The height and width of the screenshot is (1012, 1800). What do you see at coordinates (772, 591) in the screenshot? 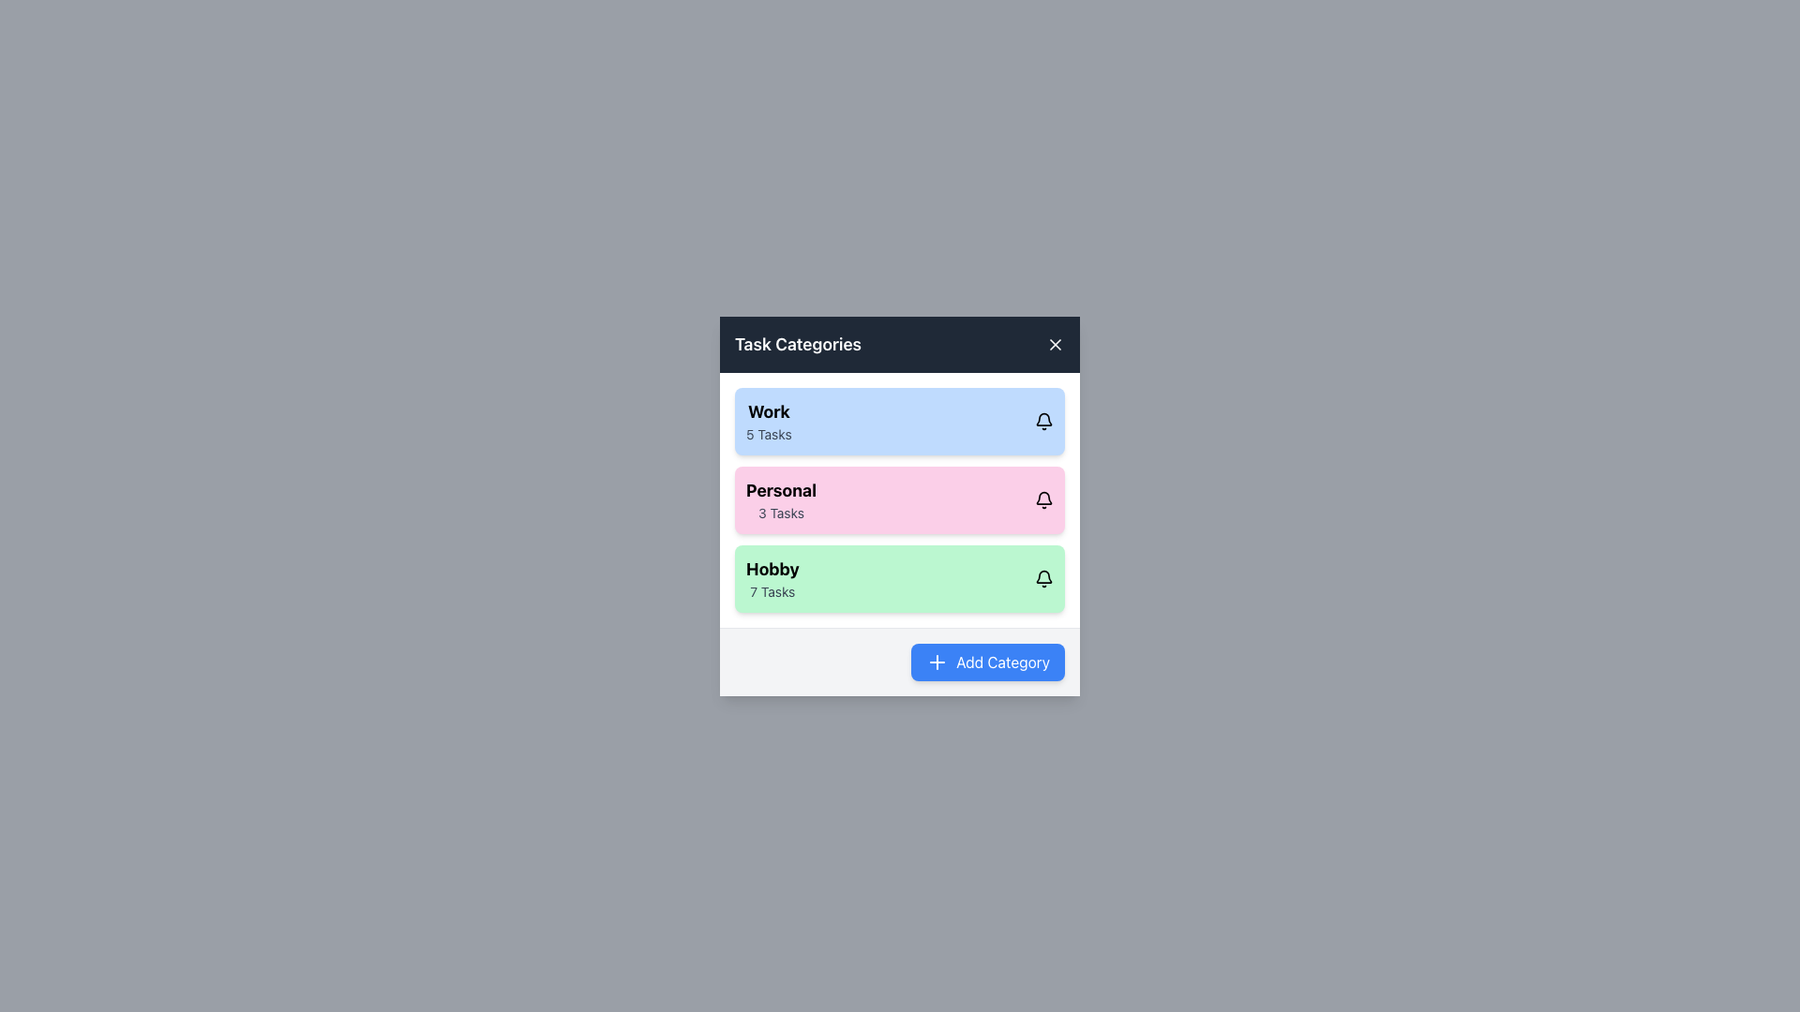
I see `the static text label displaying the number of tasks under the 'Hobby' category located in the bottom section of the 'Task Categories' dialog` at bounding box center [772, 591].